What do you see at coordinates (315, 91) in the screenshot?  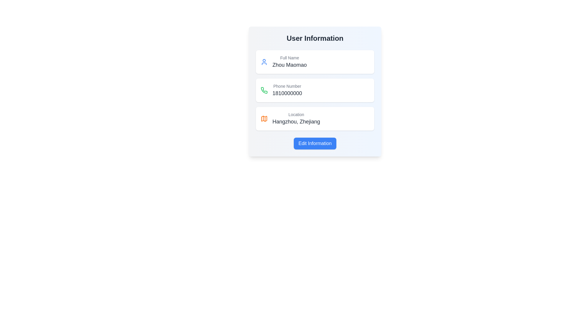 I see `the informational section displaying the user's phone number, which is located between the 'Full Name' and 'Location' sections in the 'User Information' card` at bounding box center [315, 91].